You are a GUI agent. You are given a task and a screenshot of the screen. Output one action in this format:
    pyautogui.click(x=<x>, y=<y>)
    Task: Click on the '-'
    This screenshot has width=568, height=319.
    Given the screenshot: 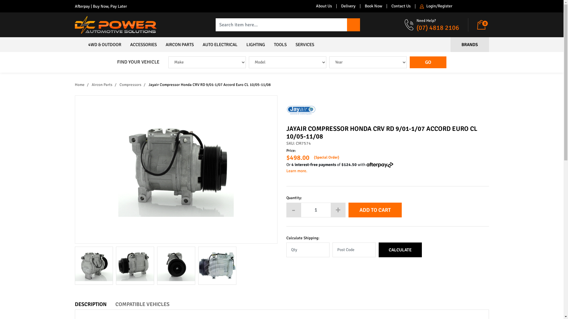 What is the action you would take?
    pyautogui.click(x=294, y=209)
    